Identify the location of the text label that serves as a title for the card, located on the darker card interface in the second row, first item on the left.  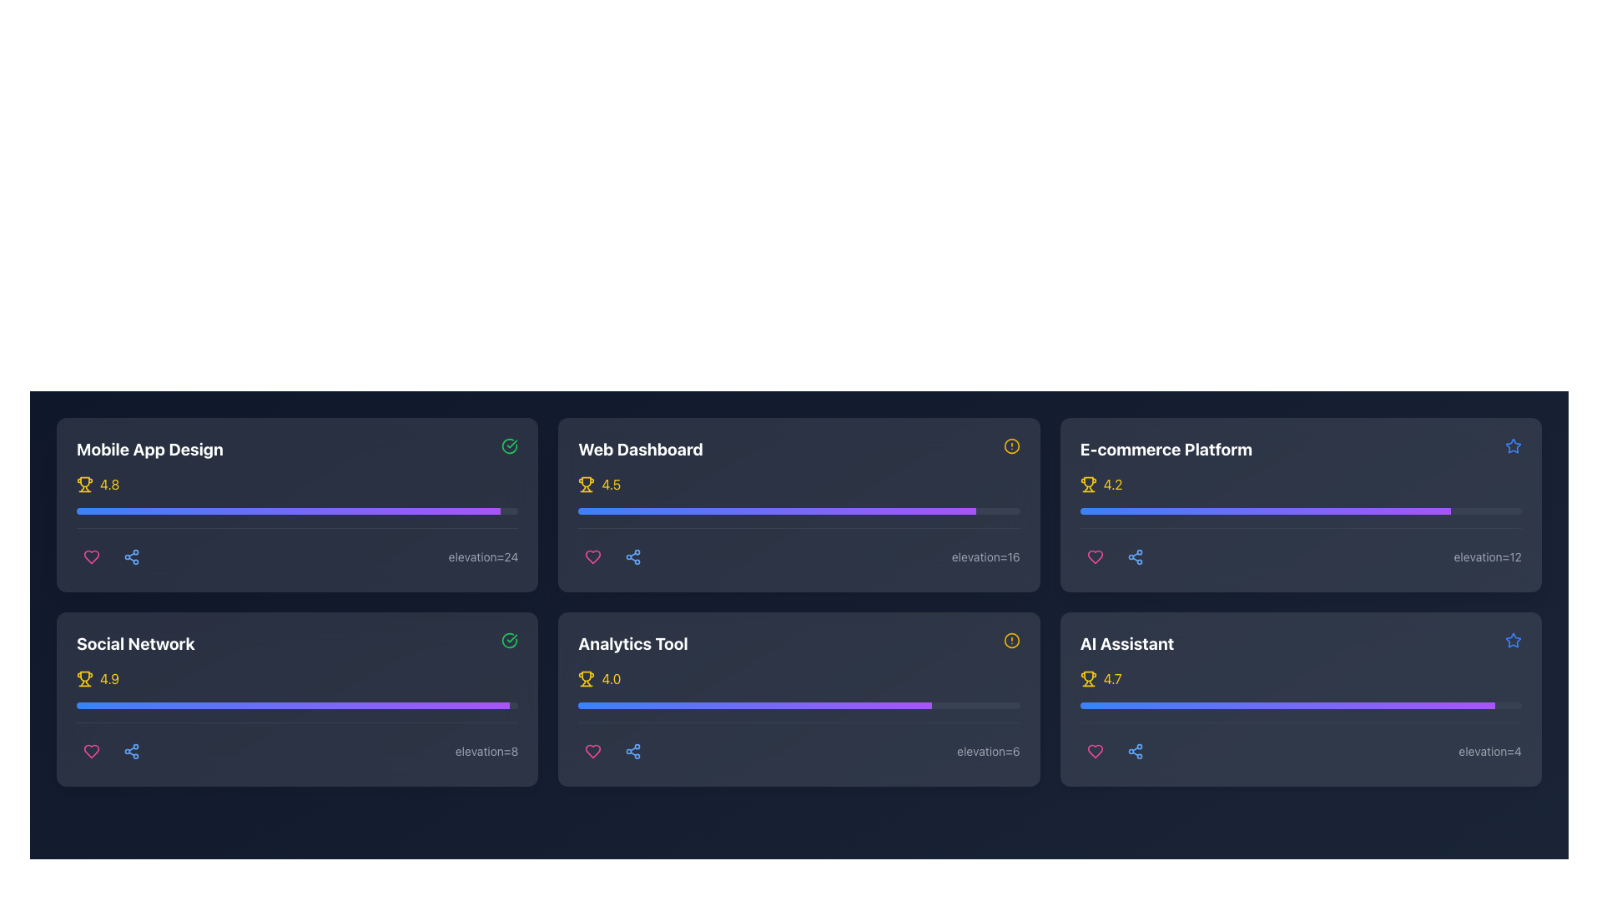
(135, 642).